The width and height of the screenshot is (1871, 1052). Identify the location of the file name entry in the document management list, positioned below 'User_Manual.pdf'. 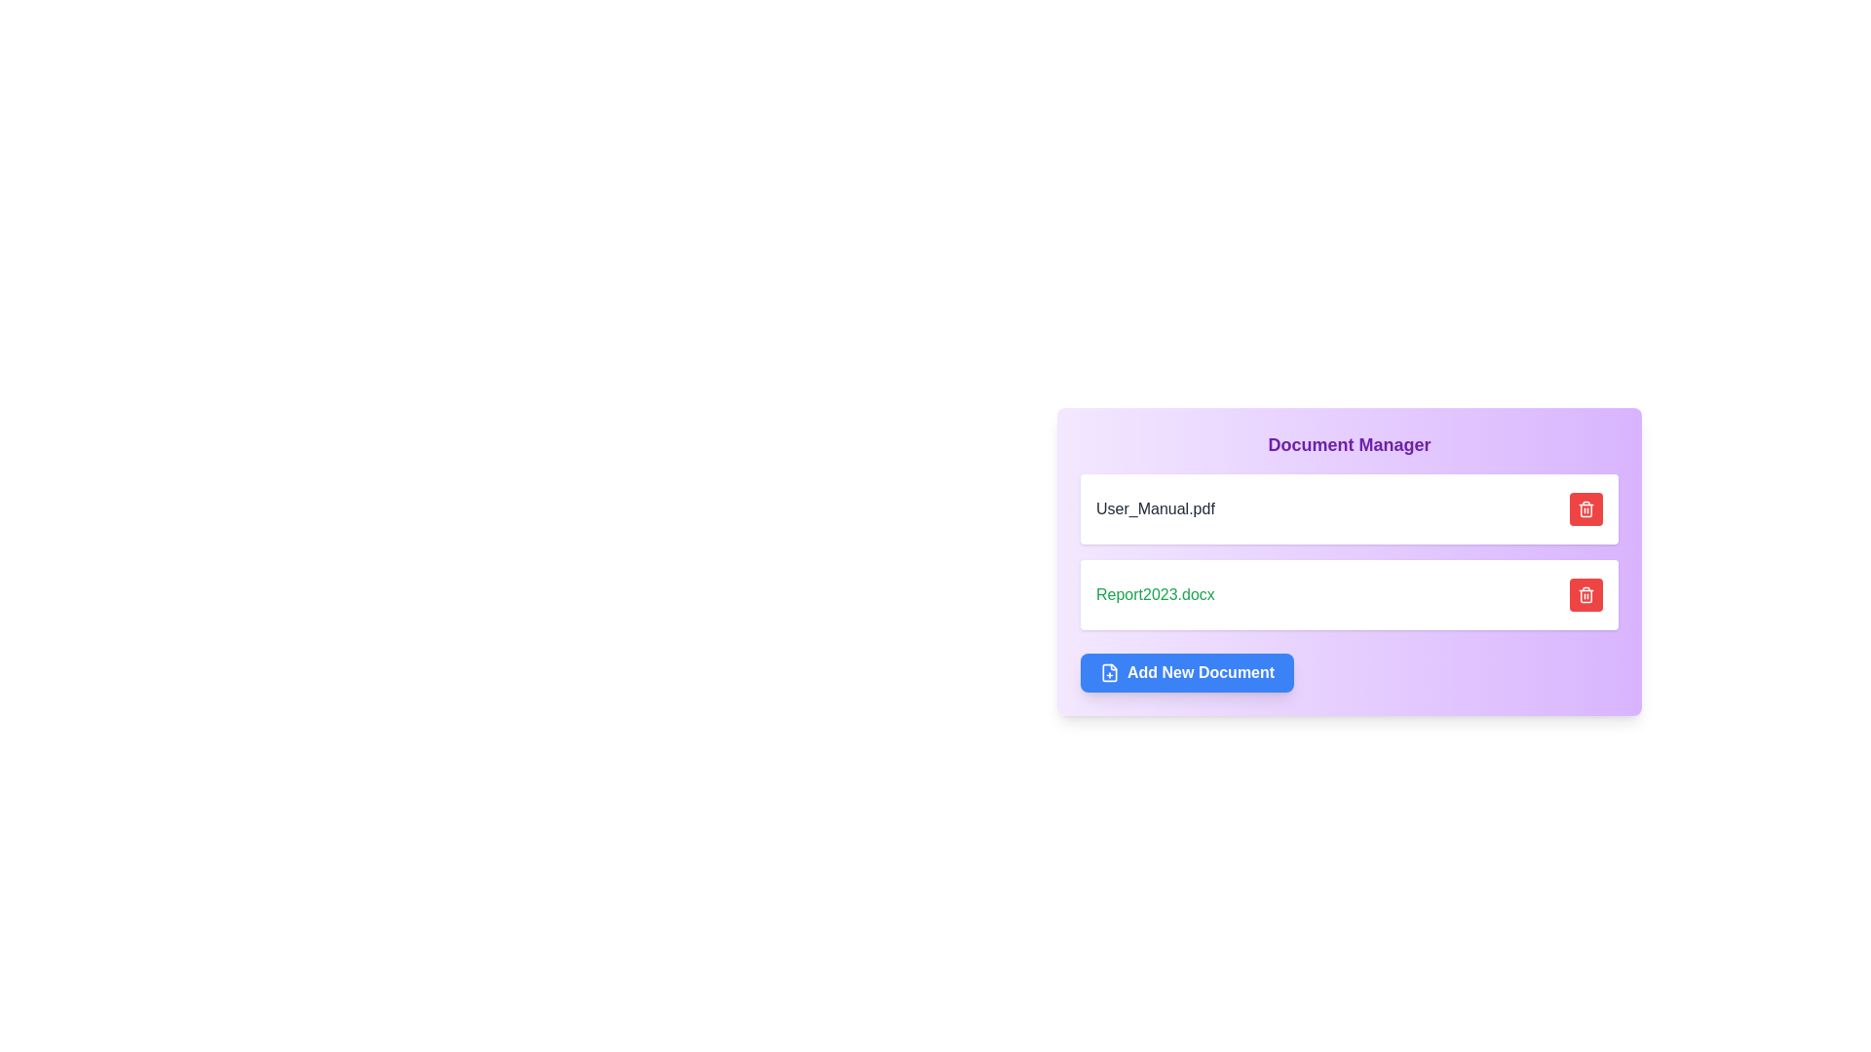
(1349, 593).